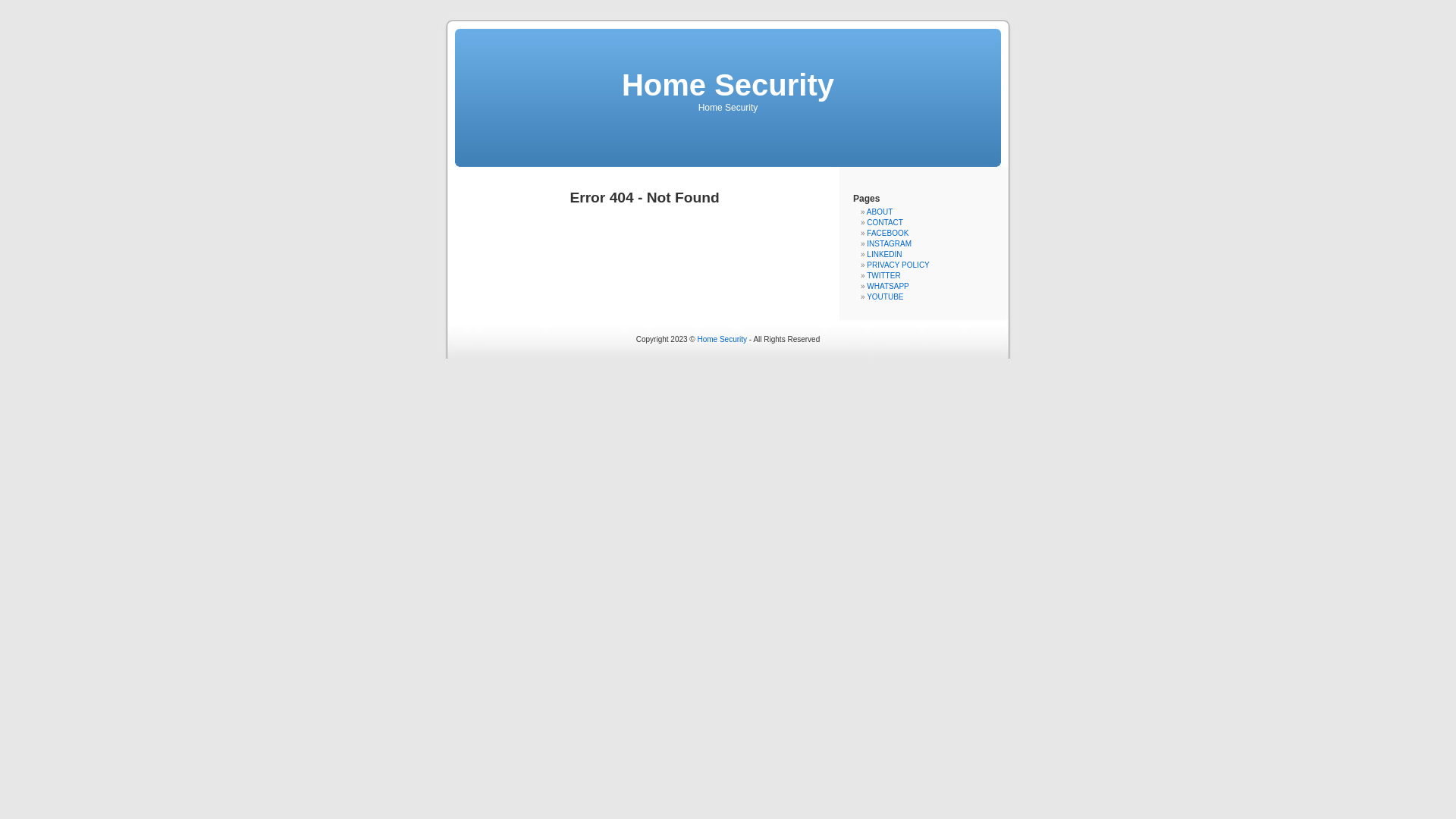 The height and width of the screenshot is (819, 1456). Describe the element at coordinates (889, 243) in the screenshot. I see `'INSTAGRAM'` at that location.